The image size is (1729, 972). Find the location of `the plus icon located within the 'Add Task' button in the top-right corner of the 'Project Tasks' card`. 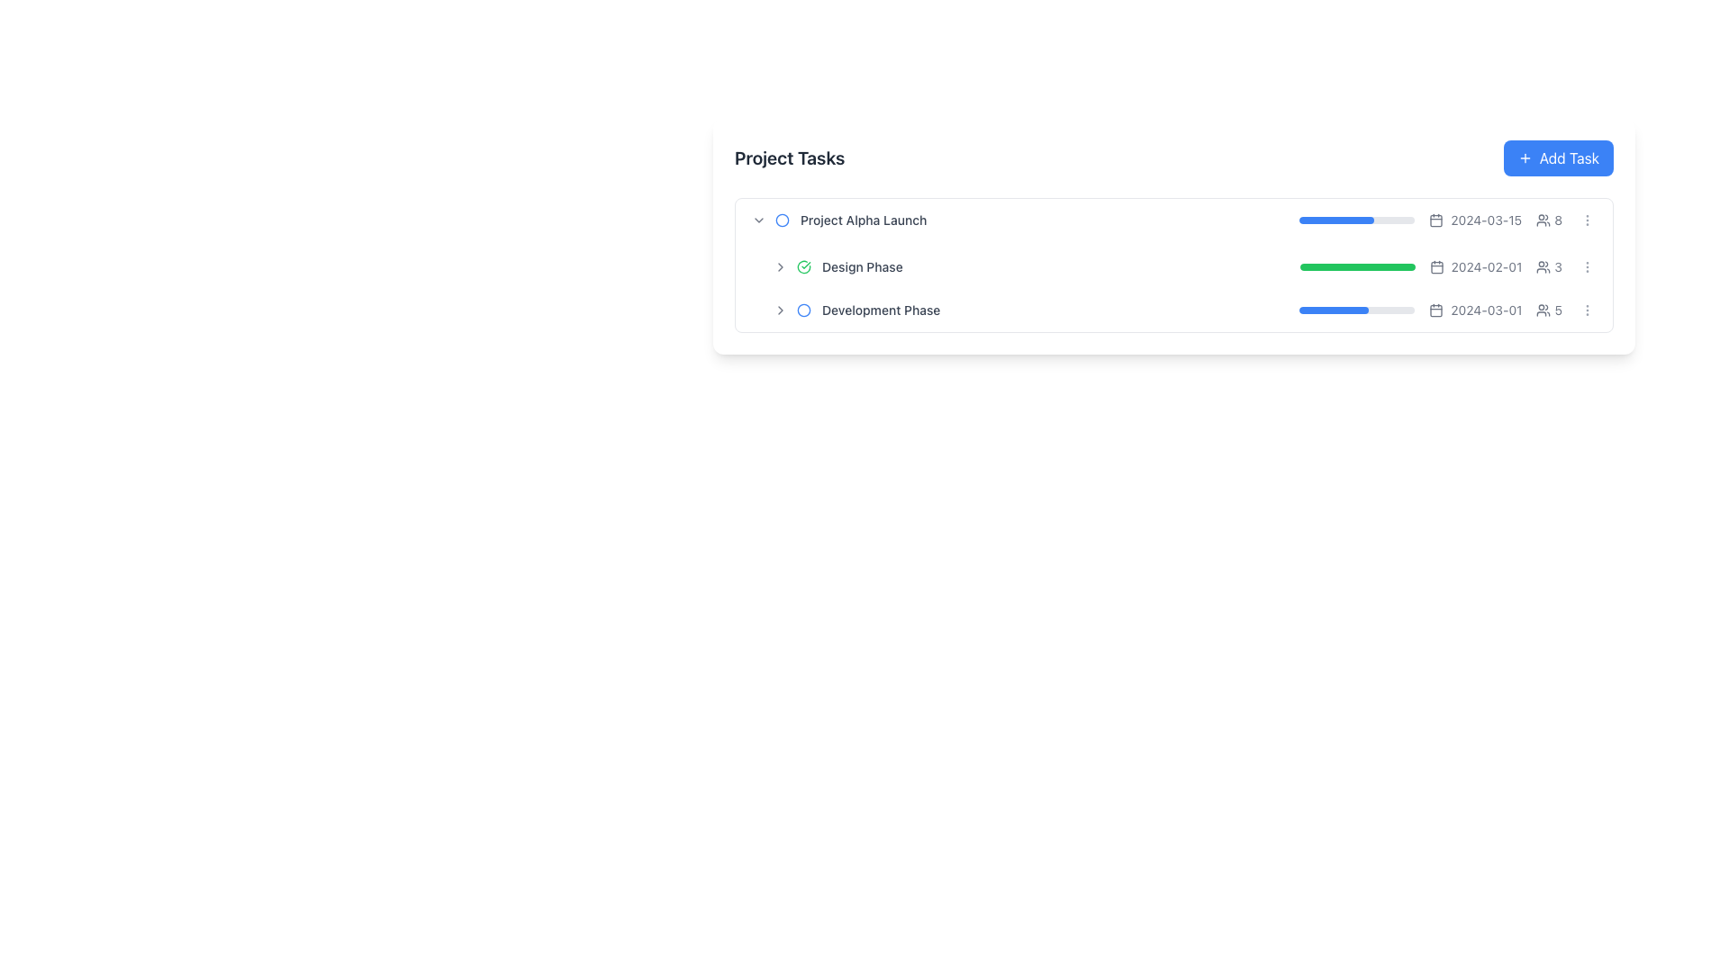

the plus icon located within the 'Add Task' button in the top-right corner of the 'Project Tasks' card is located at coordinates (1524, 157).